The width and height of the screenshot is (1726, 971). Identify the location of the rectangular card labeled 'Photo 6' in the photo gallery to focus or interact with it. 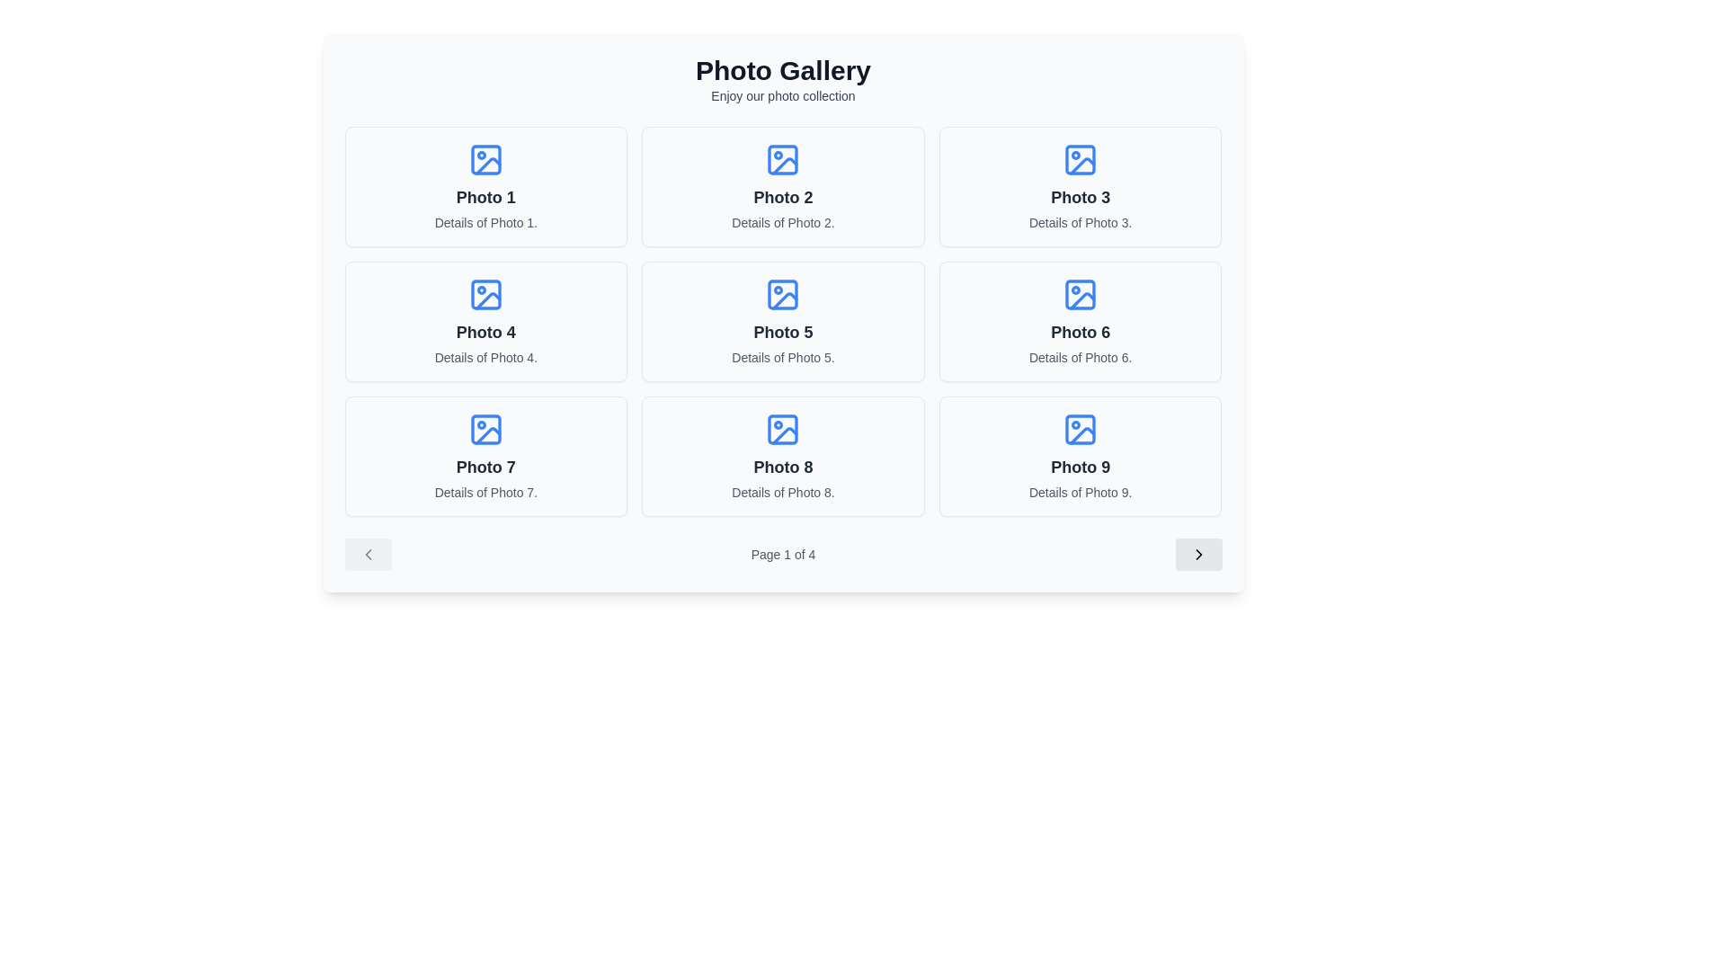
(1080, 321).